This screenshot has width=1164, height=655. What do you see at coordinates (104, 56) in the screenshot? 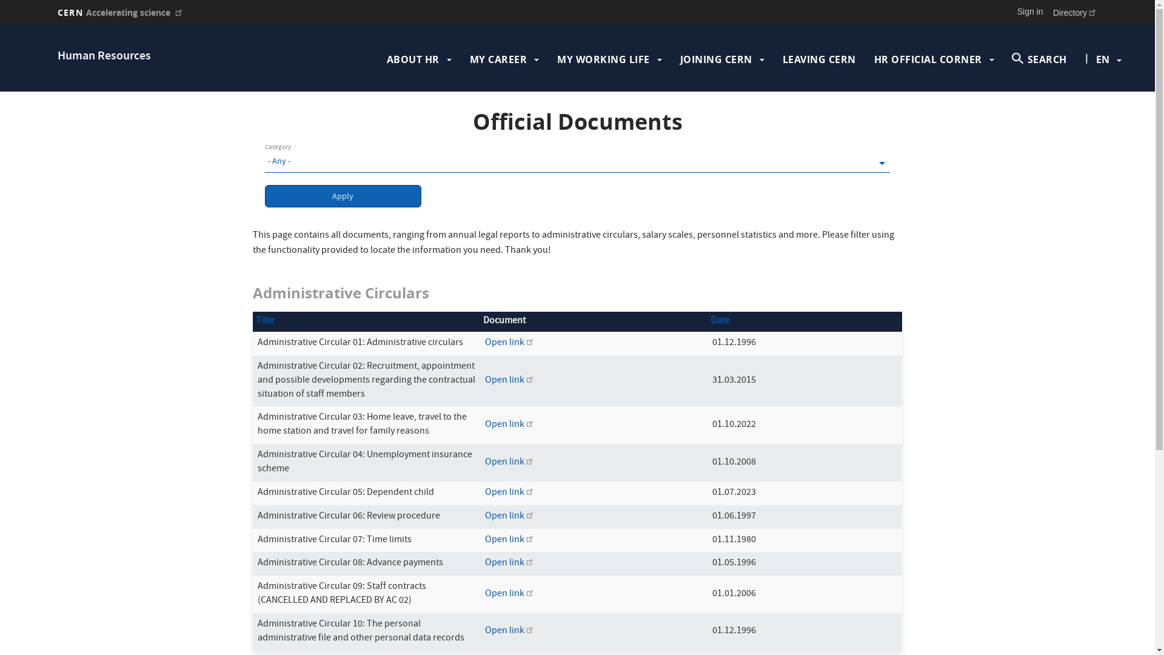
I see `'Human Resources'` at bounding box center [104, 56].